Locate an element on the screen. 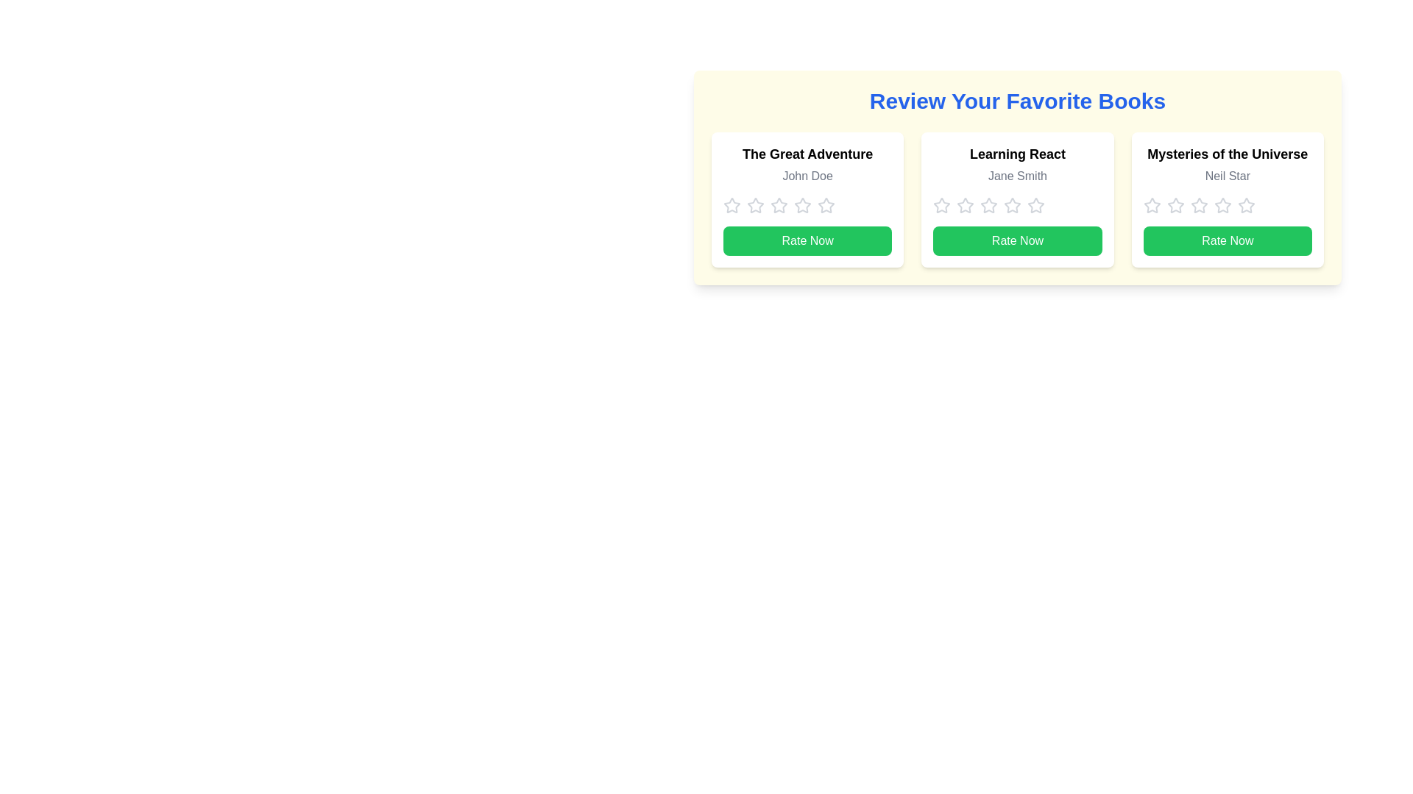 Image resolution: width=1413 pixels, height=794 pixels. on the star icon in the Rating component for the card titled 'Mysteries of the Universe' is located at coordinates (1228, 206).